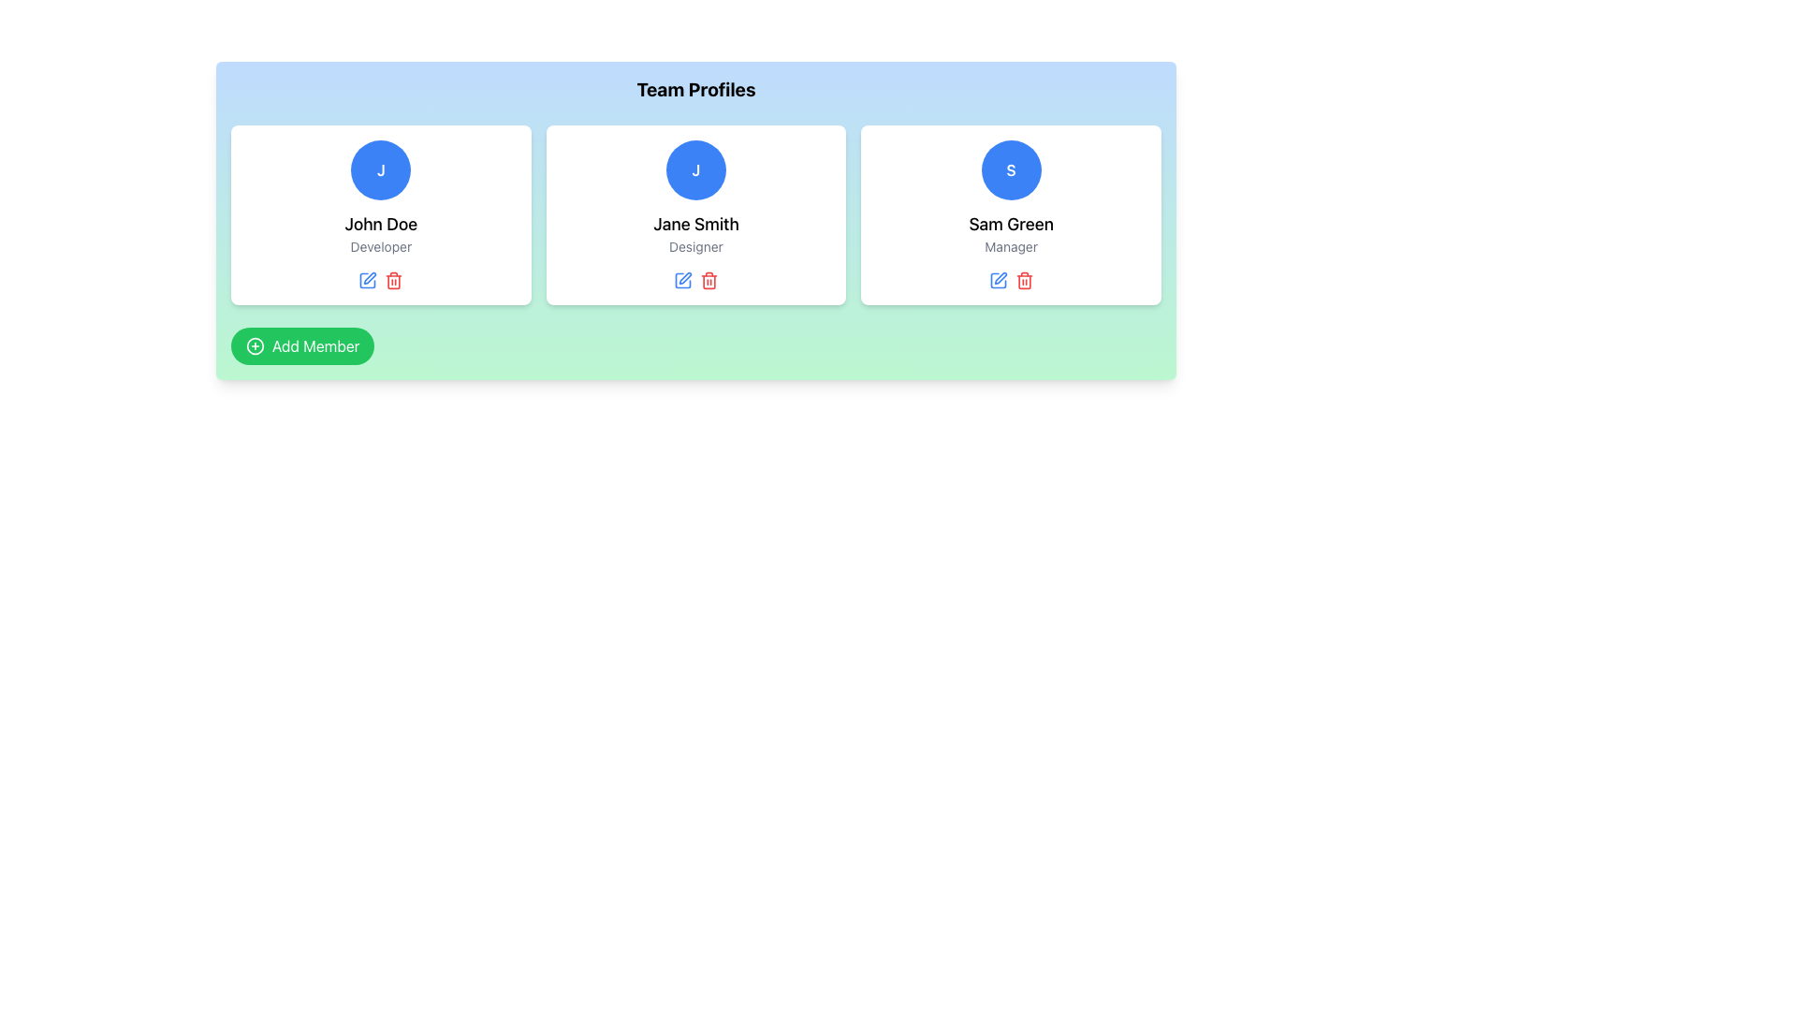  What do you see at coordinates (302, 346) in the screenshot?
I see `the 'Add New Member' button located below the first profile card (John Doe) in the 'Team Profiles' section by` at bounding box center [302, 346].